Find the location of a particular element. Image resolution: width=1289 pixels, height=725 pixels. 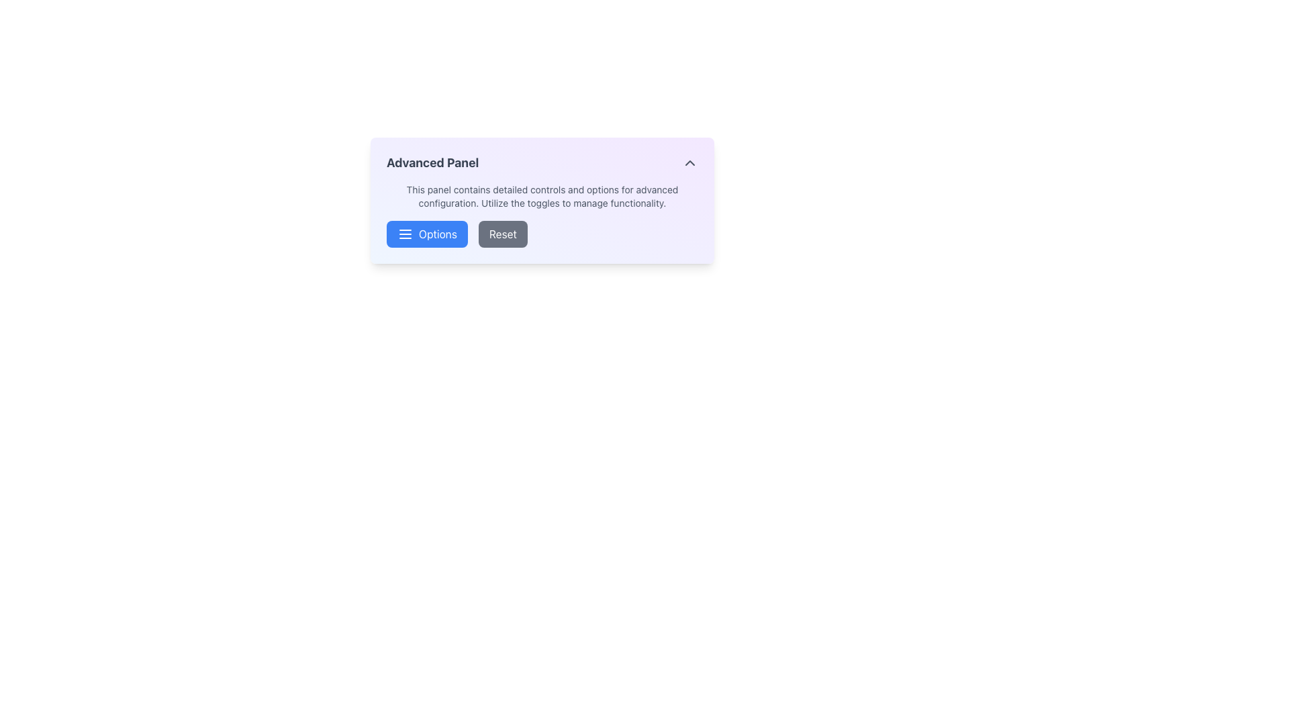

the title Text label that serves as a heading for the panel, located above a descriptive paragraph and to the left of an interactive button and a small chevron icon is located at coordinates (432, 162).